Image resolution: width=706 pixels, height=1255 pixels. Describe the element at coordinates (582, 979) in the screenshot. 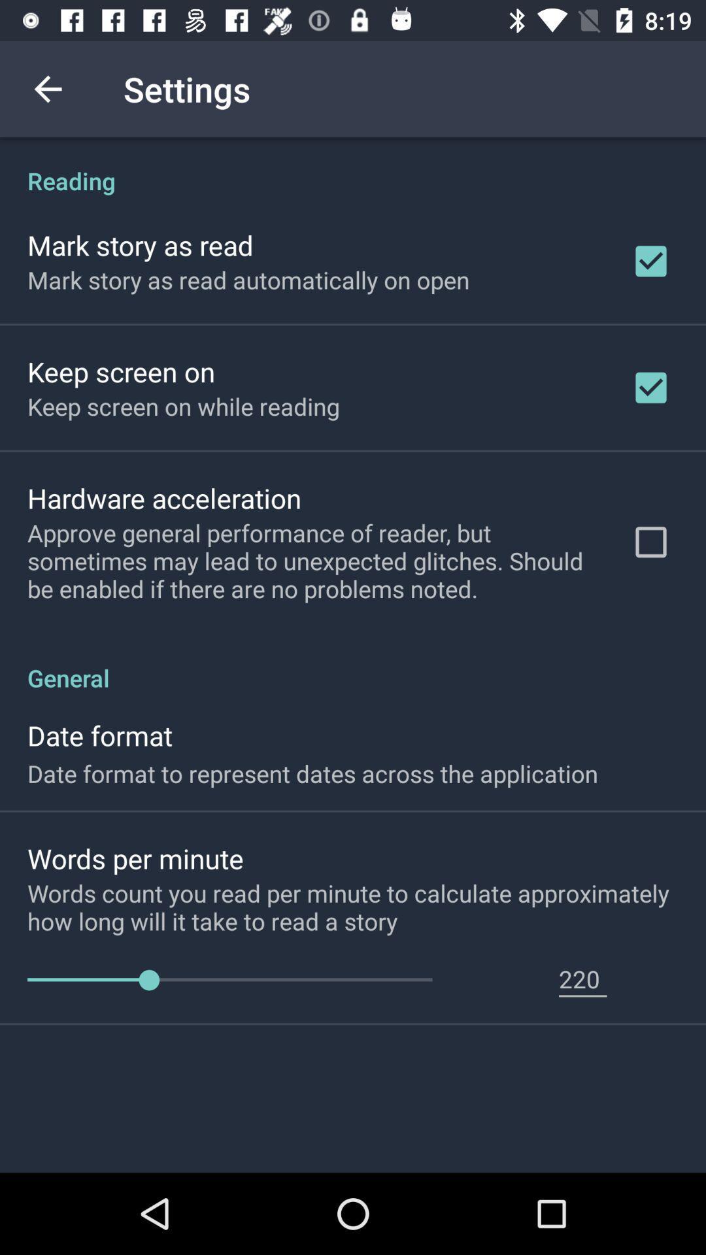

I see `220 icon` at that location.